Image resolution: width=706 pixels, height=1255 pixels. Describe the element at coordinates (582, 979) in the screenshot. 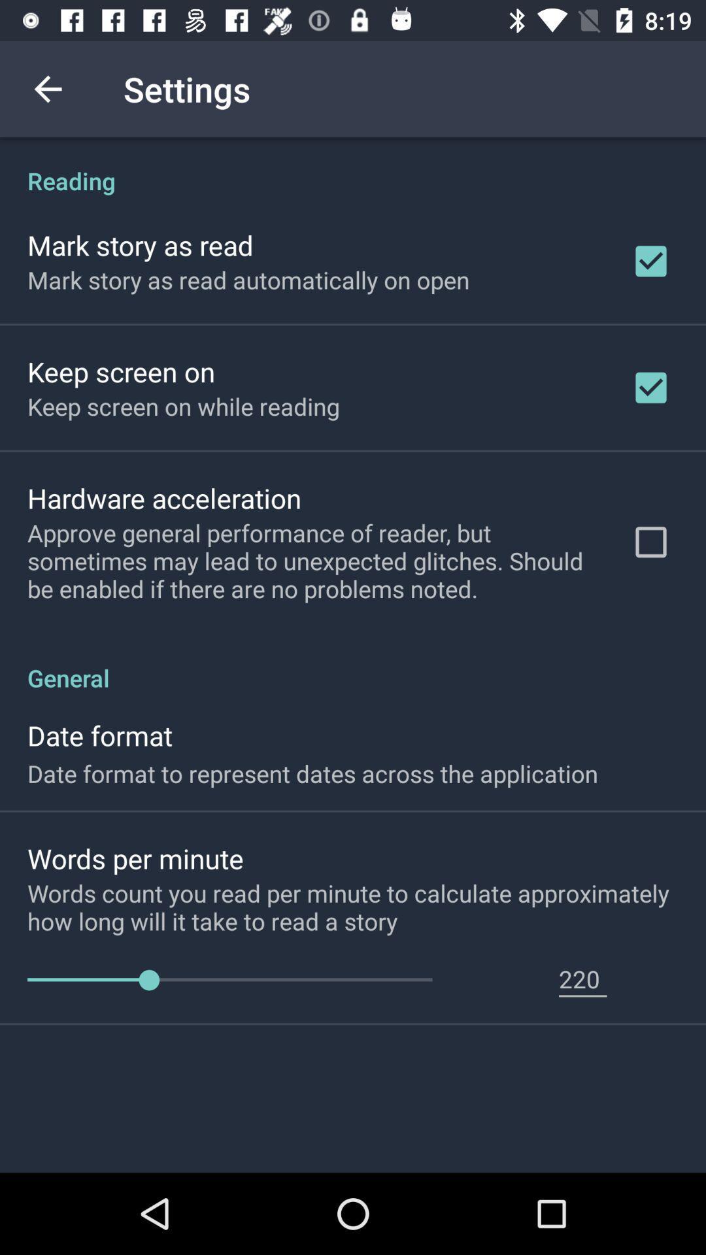

I see `220 icon` at that location.